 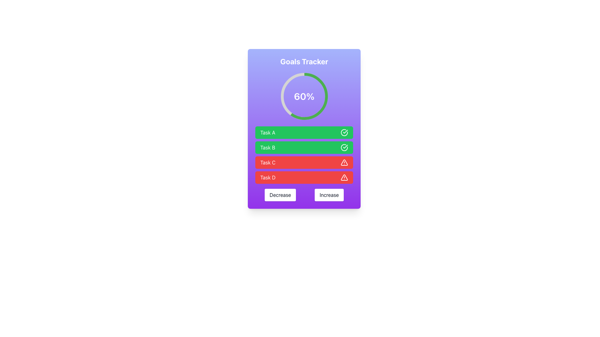 I want to click on the alert icon located on the far right side of the 'Task C' row, so click(x=344, y=162).